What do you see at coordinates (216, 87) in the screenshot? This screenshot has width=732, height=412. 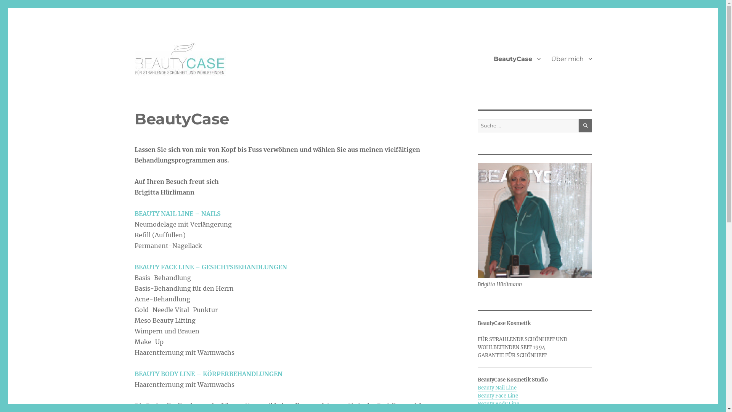 I see `'Beauty Case Kosmetik Studio'` at bounding box center [216, 87].